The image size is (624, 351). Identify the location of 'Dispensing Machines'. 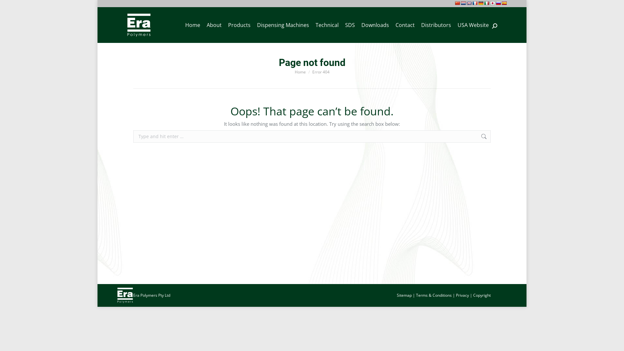
(283, 25).